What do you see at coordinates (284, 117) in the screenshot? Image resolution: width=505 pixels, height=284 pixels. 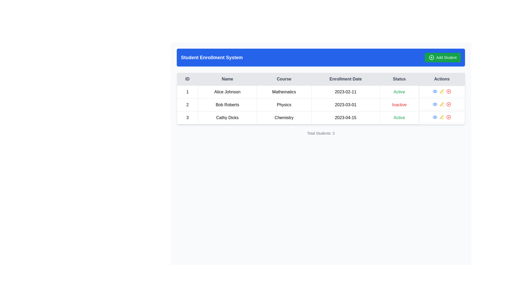 I see `the table cell displaying the course title 'Chemistry' for student 'Cathy Dicks' in the third column of the third row to interact with underlying components` at bounding box center [284, 117].